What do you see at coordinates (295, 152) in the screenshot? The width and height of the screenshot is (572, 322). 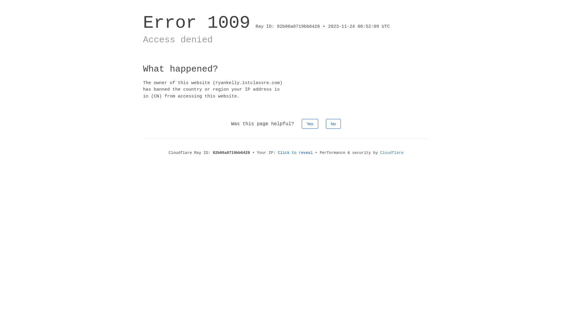 I see `'Click to reveal'` at bounding box center [295, 152].